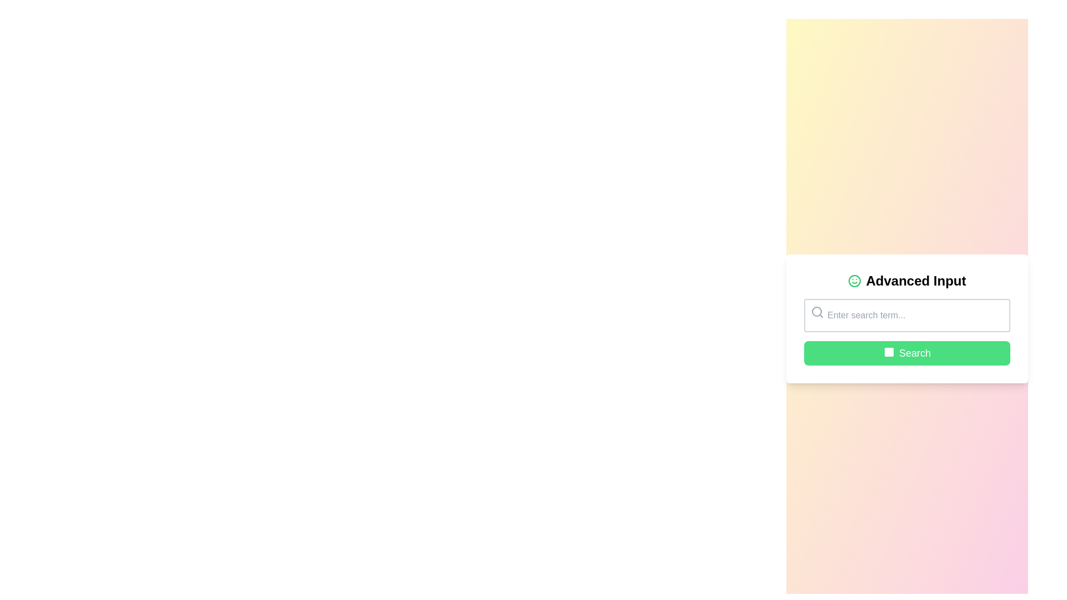  I want to click on the 'Search' button with a vibrant green background and white text located at the bottom of the 'Advanced Input' card, so click(907, 353).